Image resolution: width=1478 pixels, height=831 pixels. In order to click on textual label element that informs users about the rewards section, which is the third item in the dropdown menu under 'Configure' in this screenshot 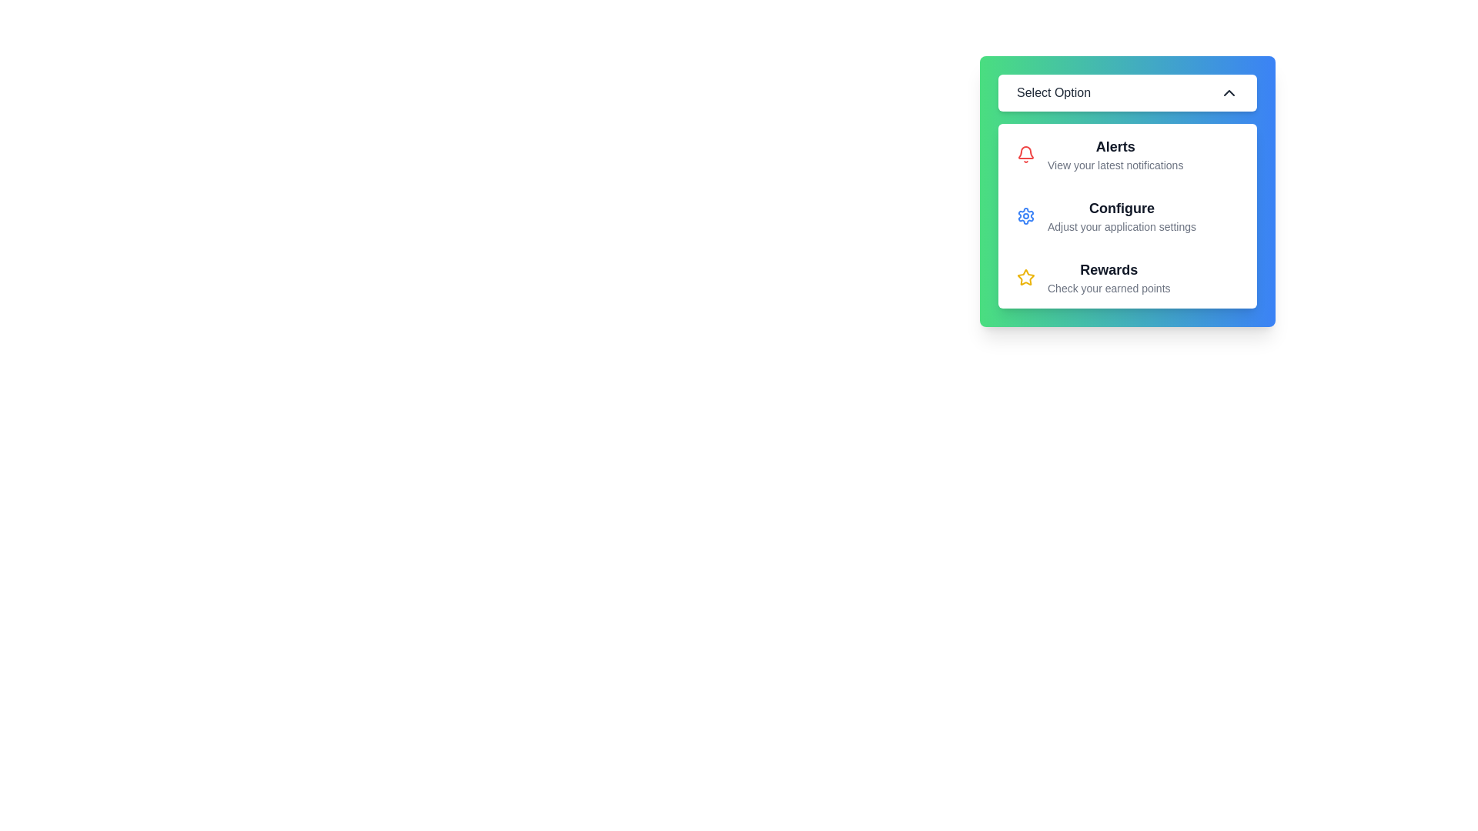, I will do `click(1108, 278)`.